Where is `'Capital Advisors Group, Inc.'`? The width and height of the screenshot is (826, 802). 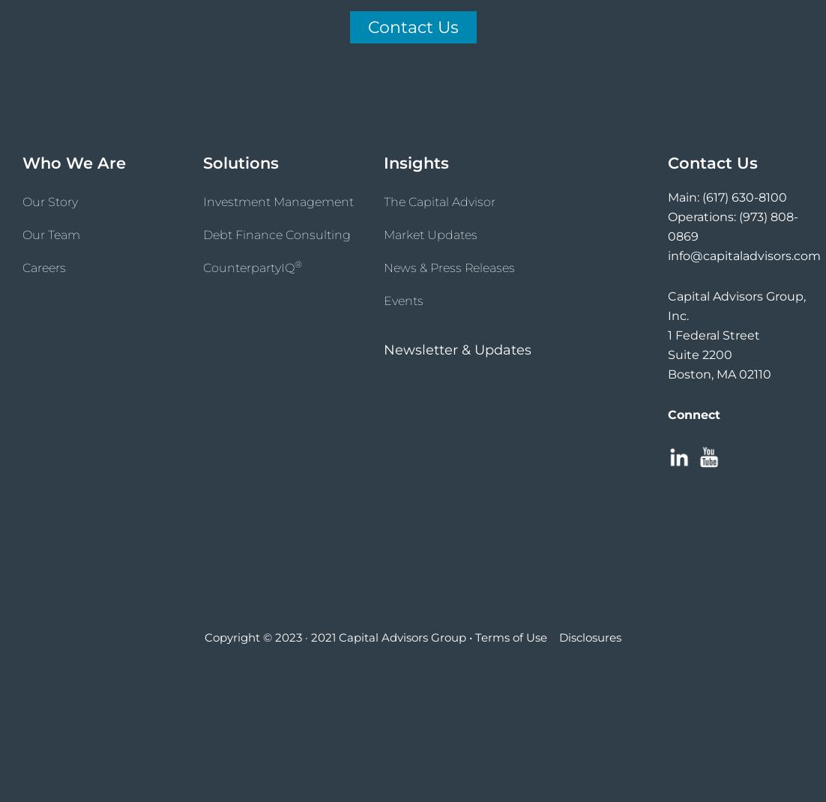
'Capital Advisors Group, Inc.' is located at coordinates (735, 304).